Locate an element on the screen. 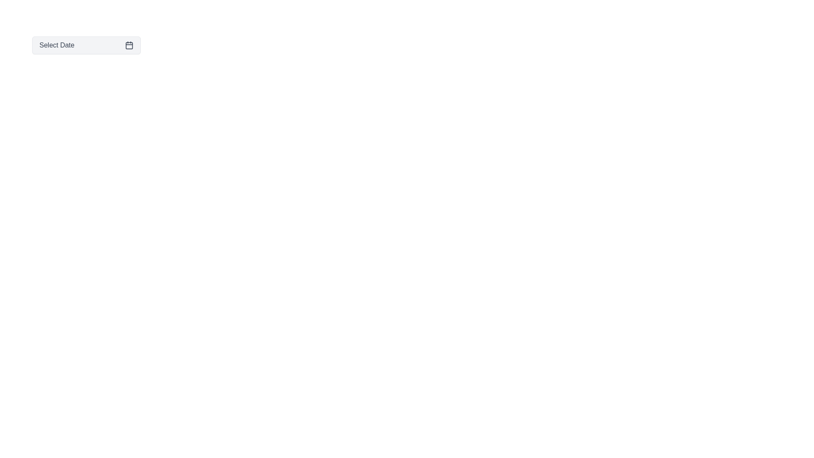  the 'Select Date' button with a light gray background and rounded edges is located at coordinates (86, 45).